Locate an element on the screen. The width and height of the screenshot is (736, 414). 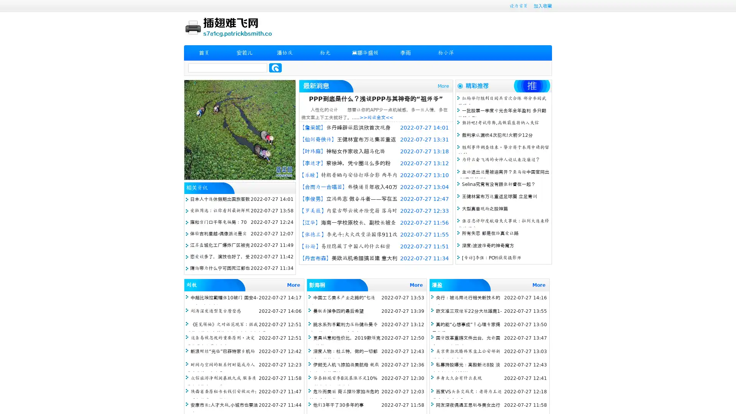
Search is located at coordinates (275, 67).